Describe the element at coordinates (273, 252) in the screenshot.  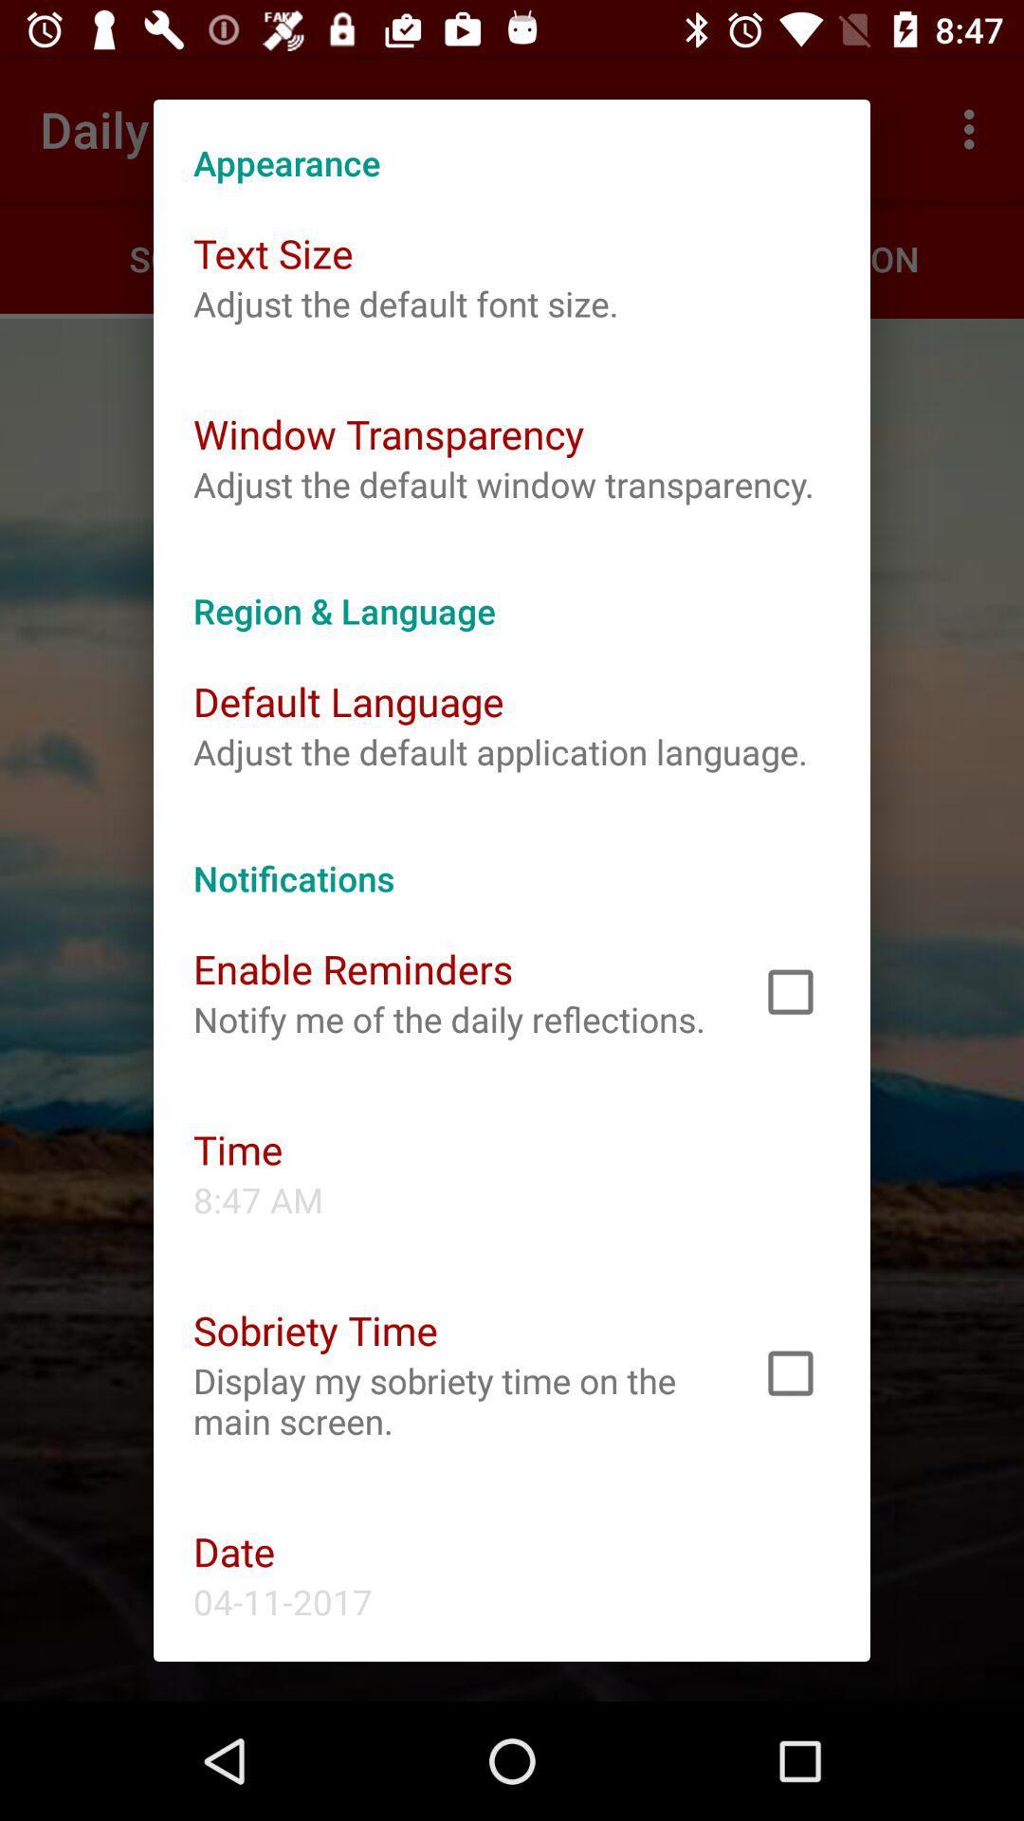
I see `the item below appearance` at that location.